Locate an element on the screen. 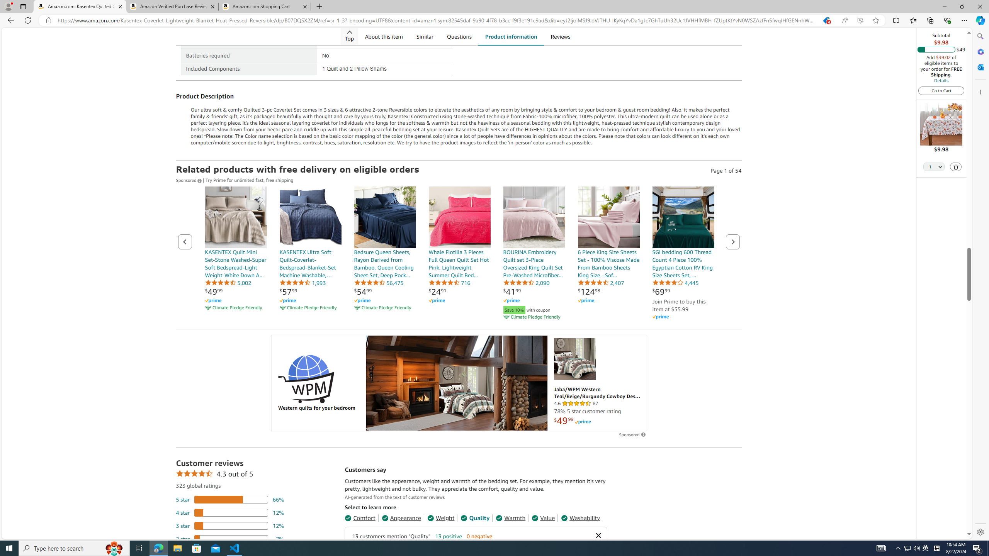  '$57.99' is located at coordinates (288, 291).